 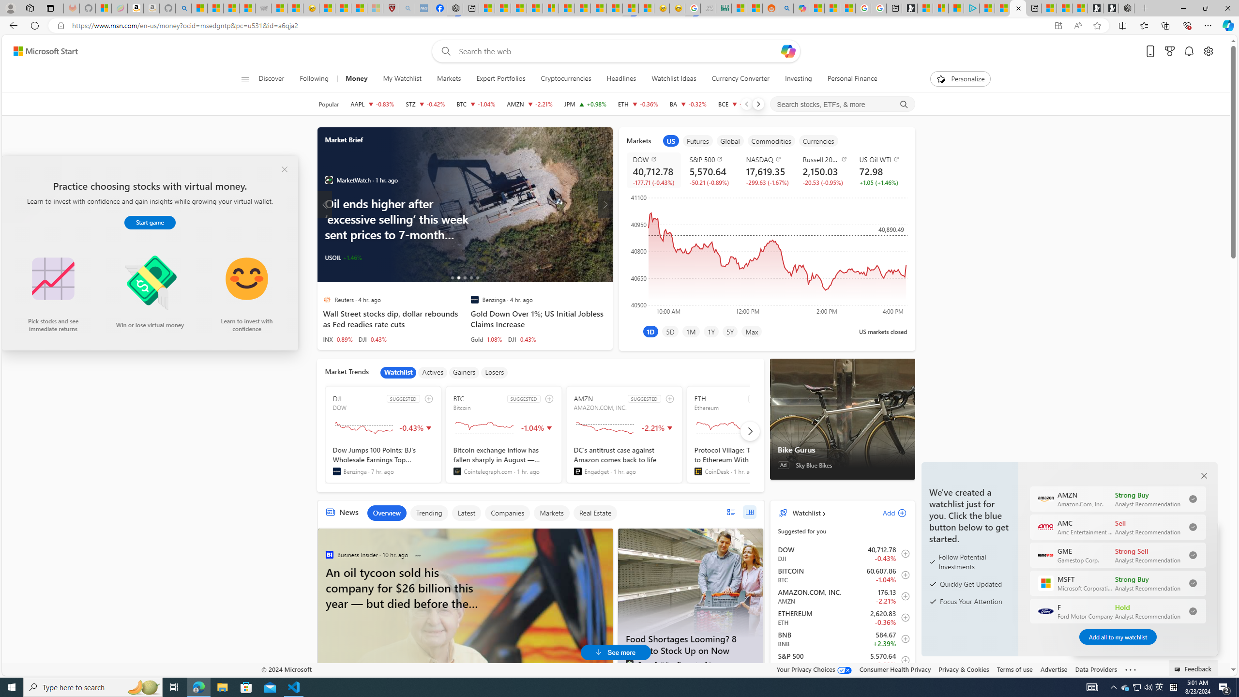 I want to click on '5Y', so click(x=730, y=331).